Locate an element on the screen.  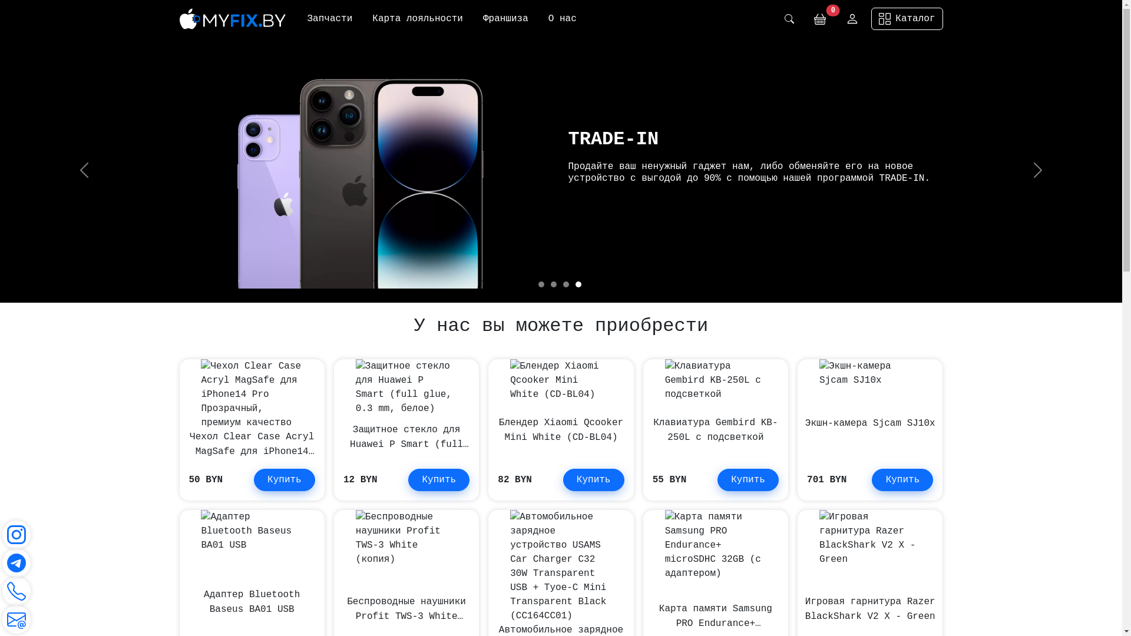
'0' is located at coordinates (819, 18).